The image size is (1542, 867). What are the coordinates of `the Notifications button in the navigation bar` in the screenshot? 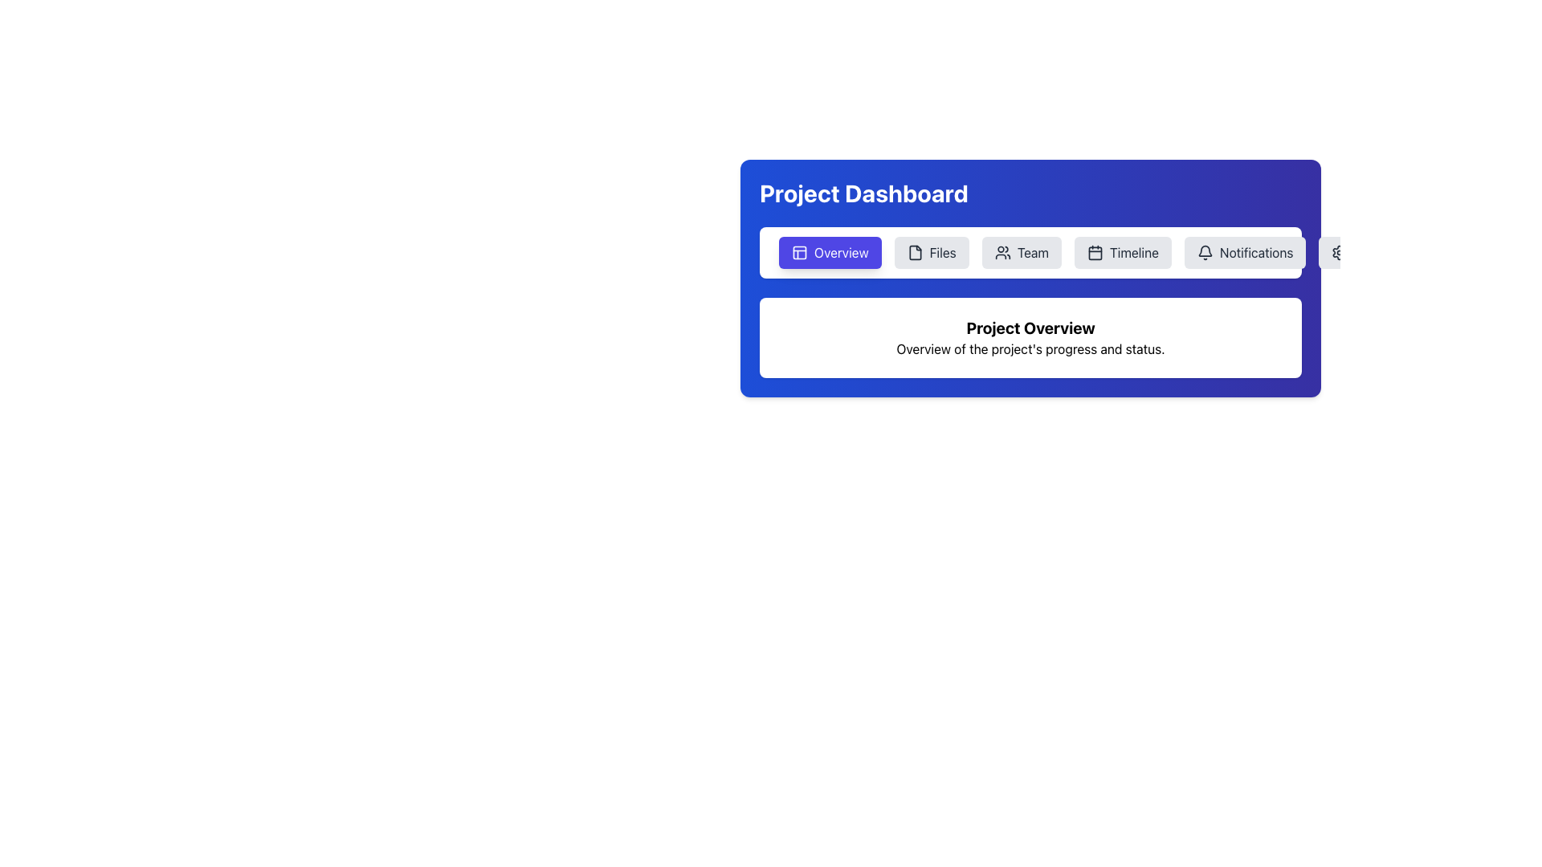 It's located at (1244, 253).